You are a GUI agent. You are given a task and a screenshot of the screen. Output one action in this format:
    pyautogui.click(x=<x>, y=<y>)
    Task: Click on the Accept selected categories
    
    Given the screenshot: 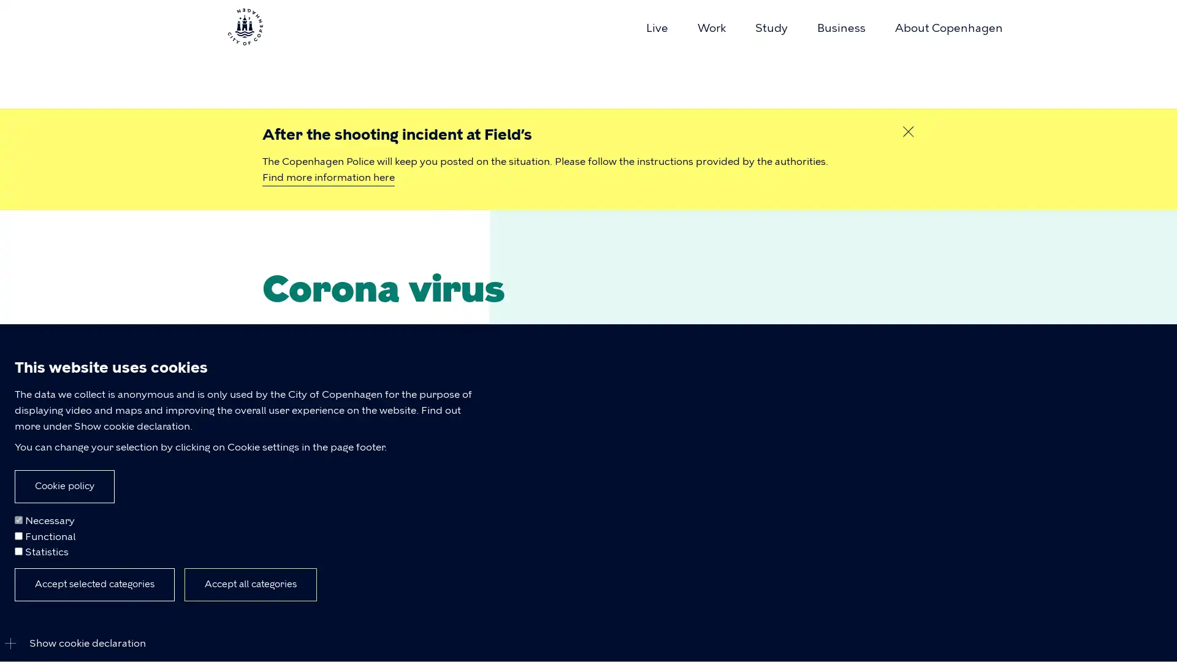 What is the action you would take?
    pyautogui.click(x=94, y=584)
    